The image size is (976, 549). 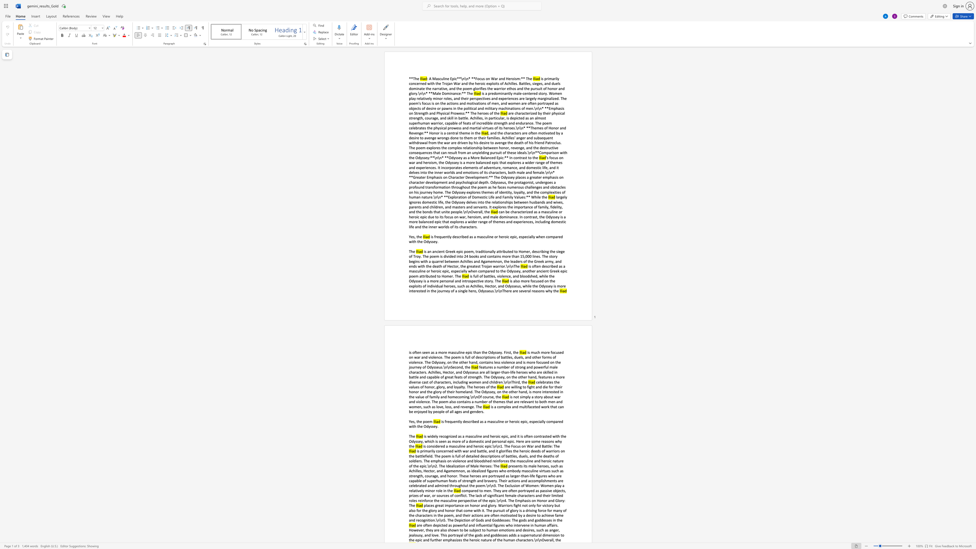 I want to click on the subset text "ll" within the text "is full of", so click(x=476, y=275).